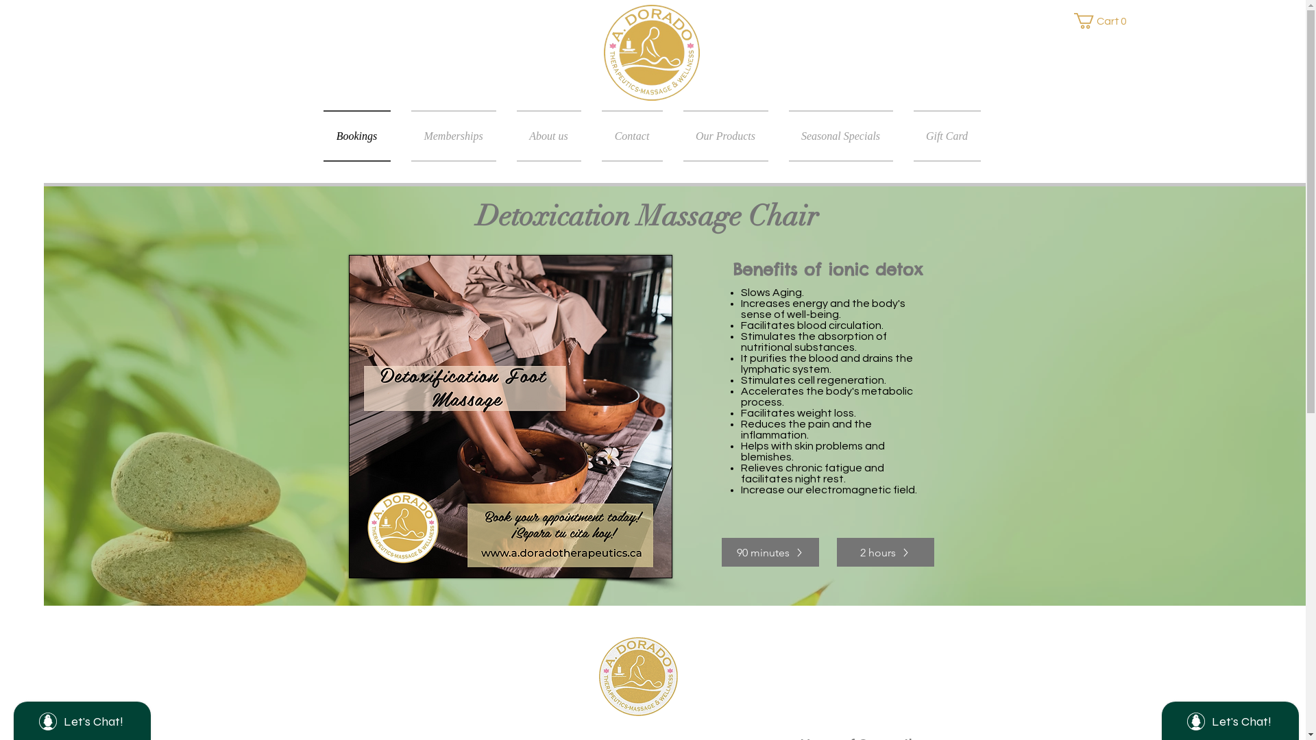  Describe the element at coordinates (631, 136) in the screenshot. I see `'Contact'` at that location.